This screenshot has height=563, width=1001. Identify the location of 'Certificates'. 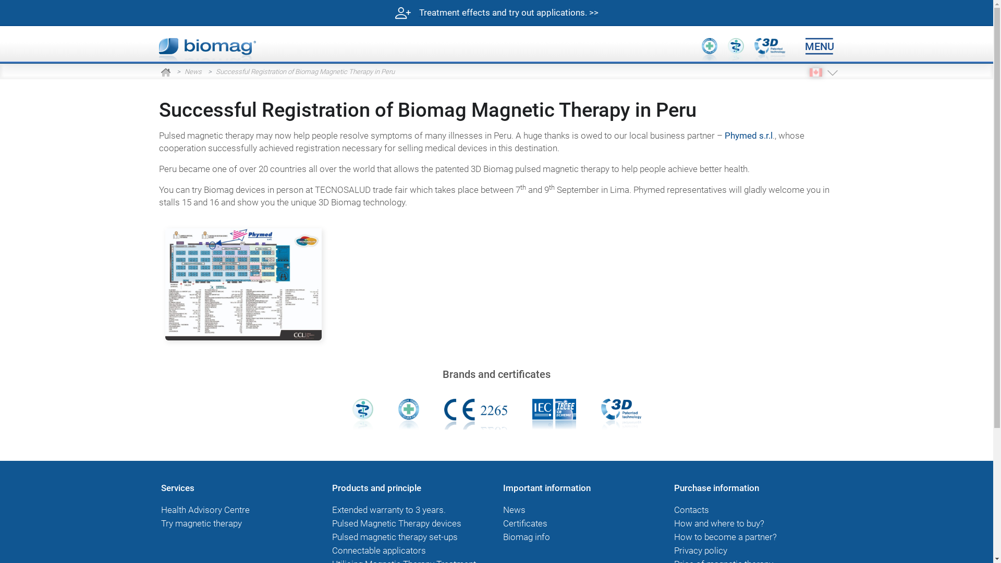
(503, 523).